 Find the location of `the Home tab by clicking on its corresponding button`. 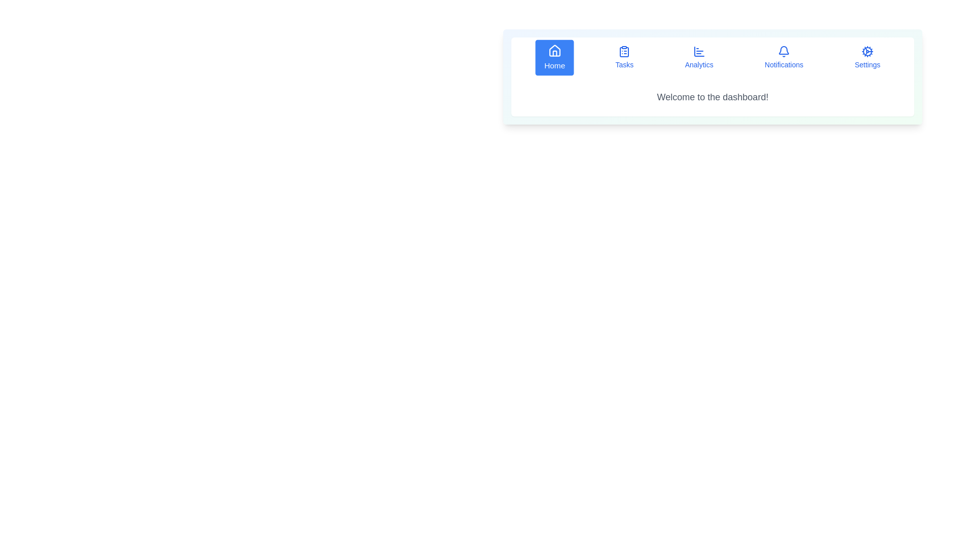

the Home tab by clicking on its corresponding button is located at coordinates (554, 58).